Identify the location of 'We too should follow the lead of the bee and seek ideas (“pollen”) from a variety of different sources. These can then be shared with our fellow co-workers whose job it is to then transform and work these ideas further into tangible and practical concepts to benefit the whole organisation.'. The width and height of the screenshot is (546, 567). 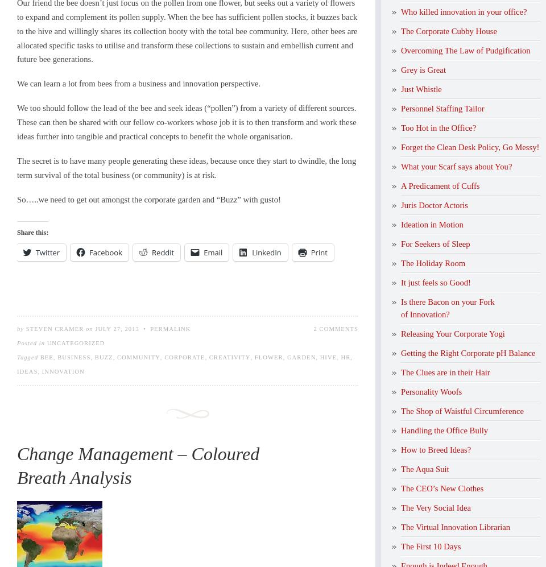
(187, 122).